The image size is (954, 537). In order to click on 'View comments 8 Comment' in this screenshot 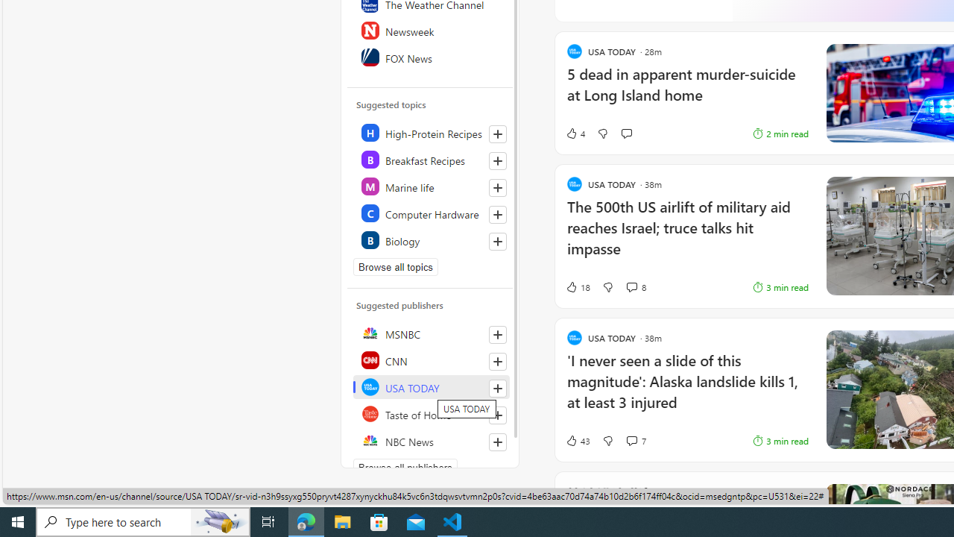, I will do `click(631, 287)`.